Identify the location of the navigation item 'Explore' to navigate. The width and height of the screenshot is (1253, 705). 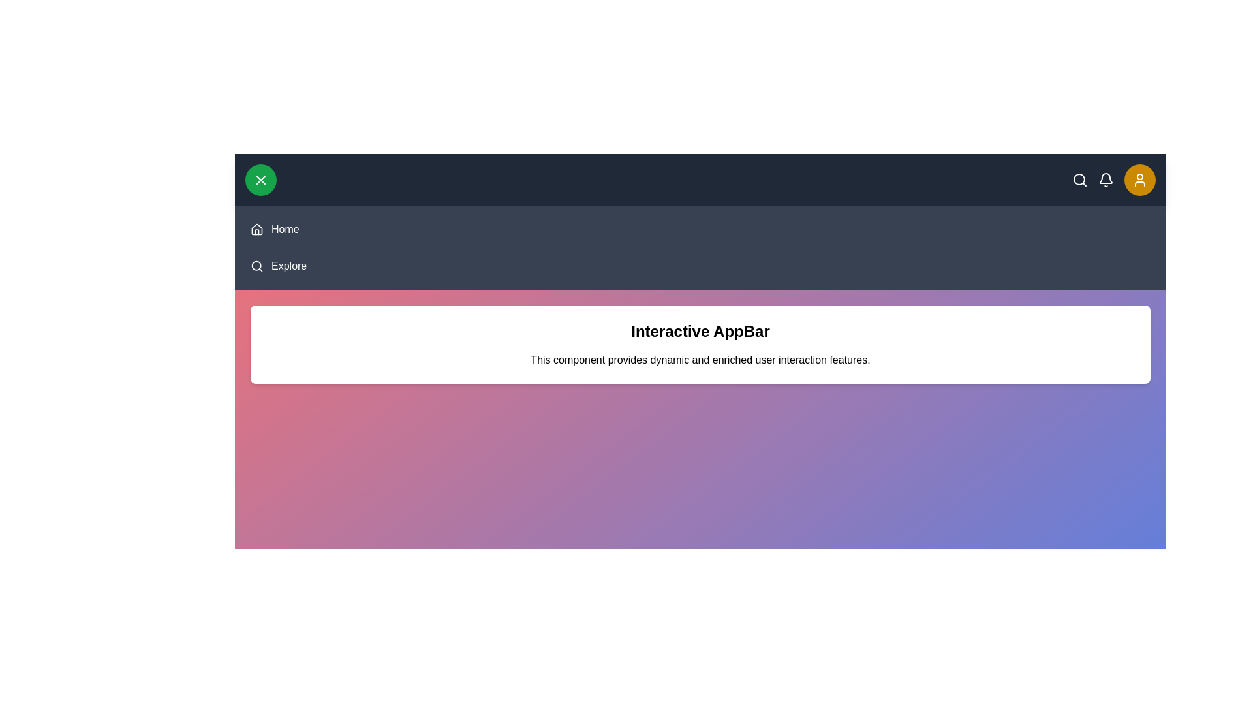
(288, 266).